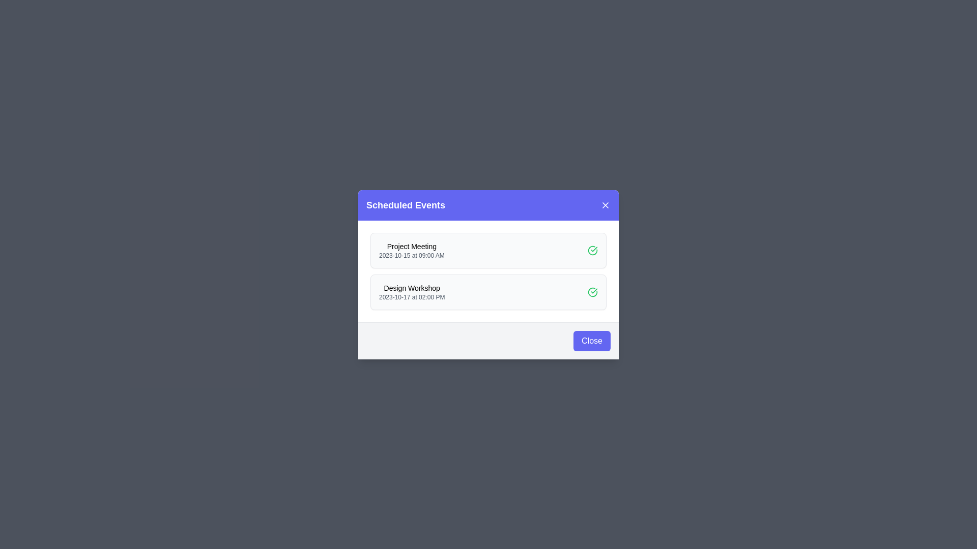 The image size is (977, 549). Describe the element at coordinates (412, 292) in the screenshot. I see `the Informative text element displaying the event title 'Design Workshop' and scheduled date '2023-10-17 at 02:00 PM' located in the second row of the 'Scheduled Events' dialog box for detailed information` at that location.